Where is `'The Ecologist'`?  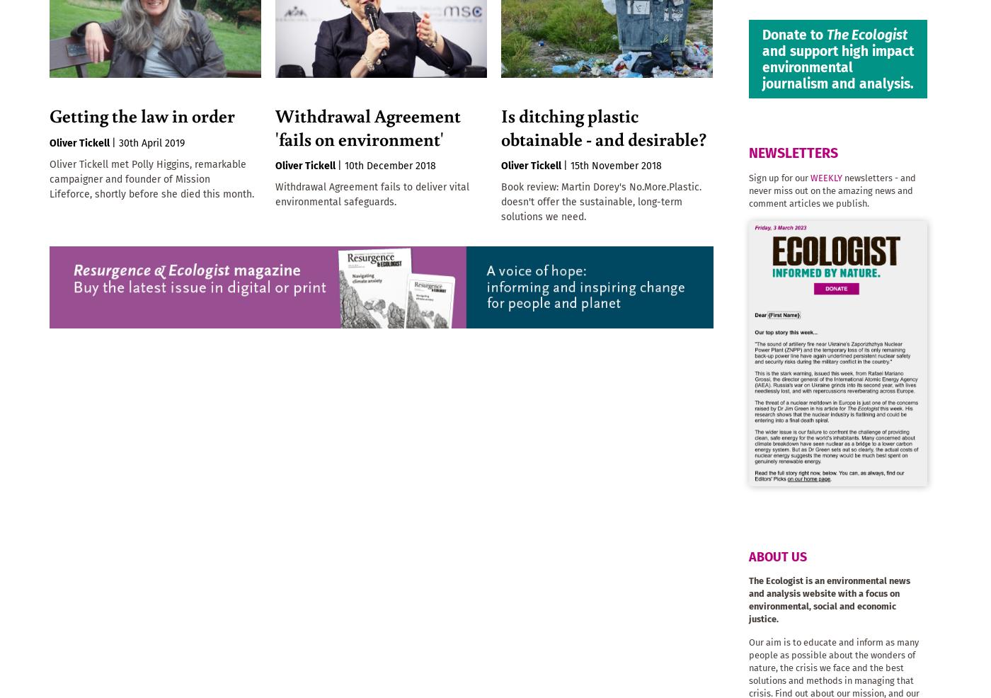
'The Ecologist' is located at coordinates (866, 33).